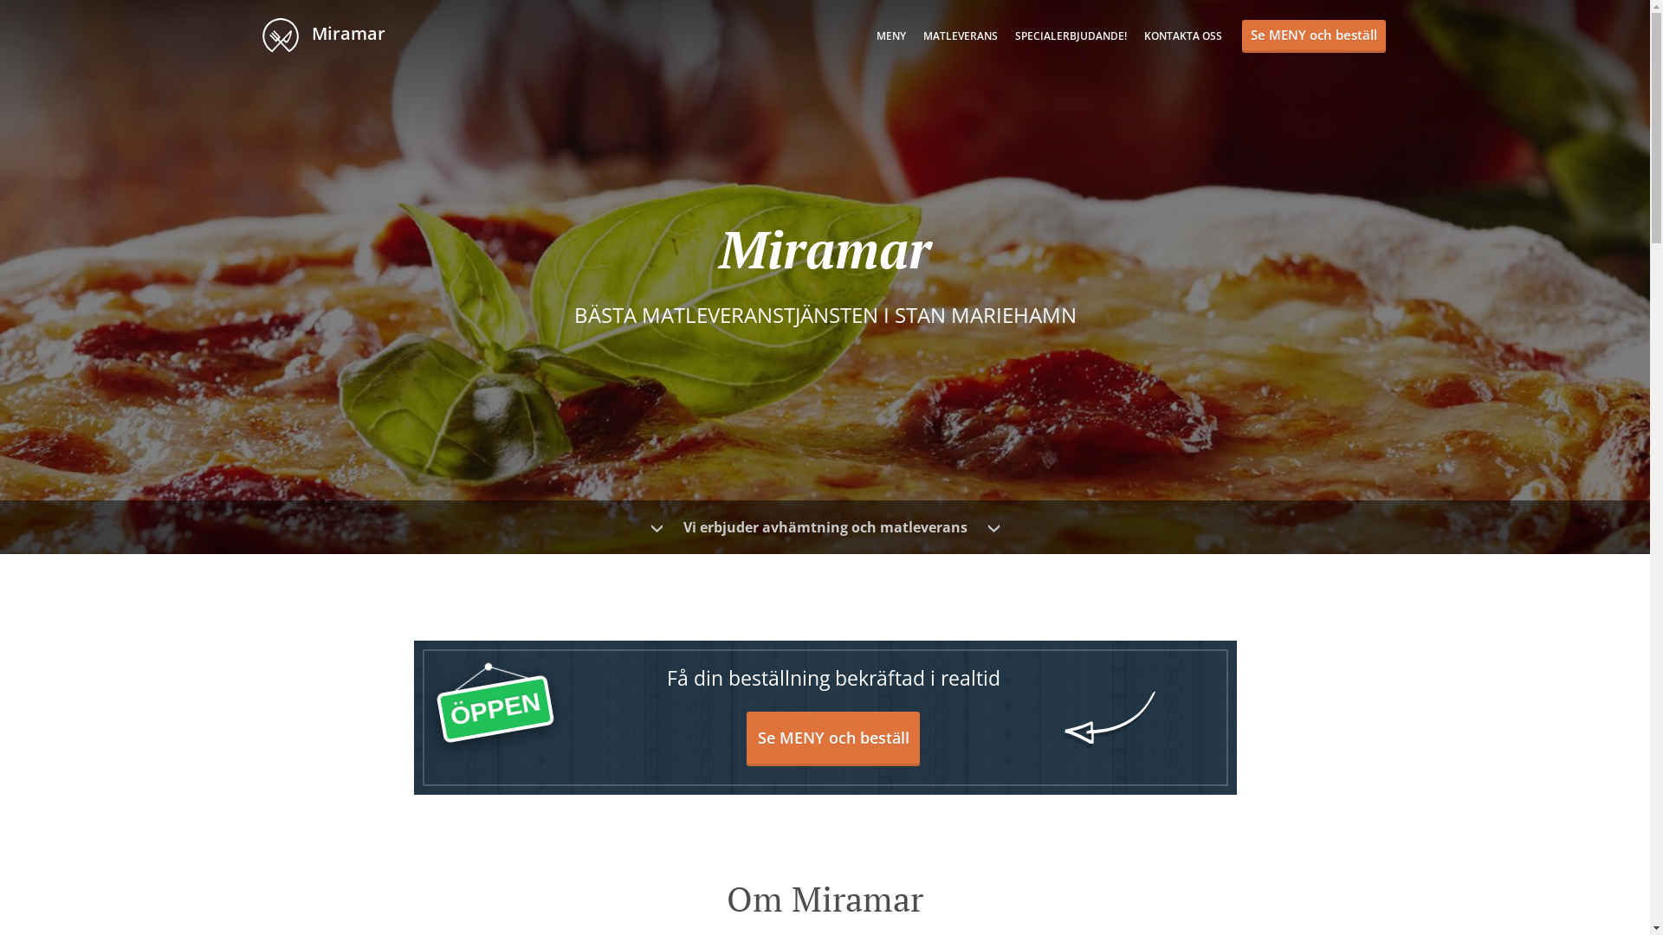 Image resolution: width=1663 pixels, height=935 pixels. Describe the element at coordinates (332, 34) in the screenshot. I see `' Miramar'` at that location.